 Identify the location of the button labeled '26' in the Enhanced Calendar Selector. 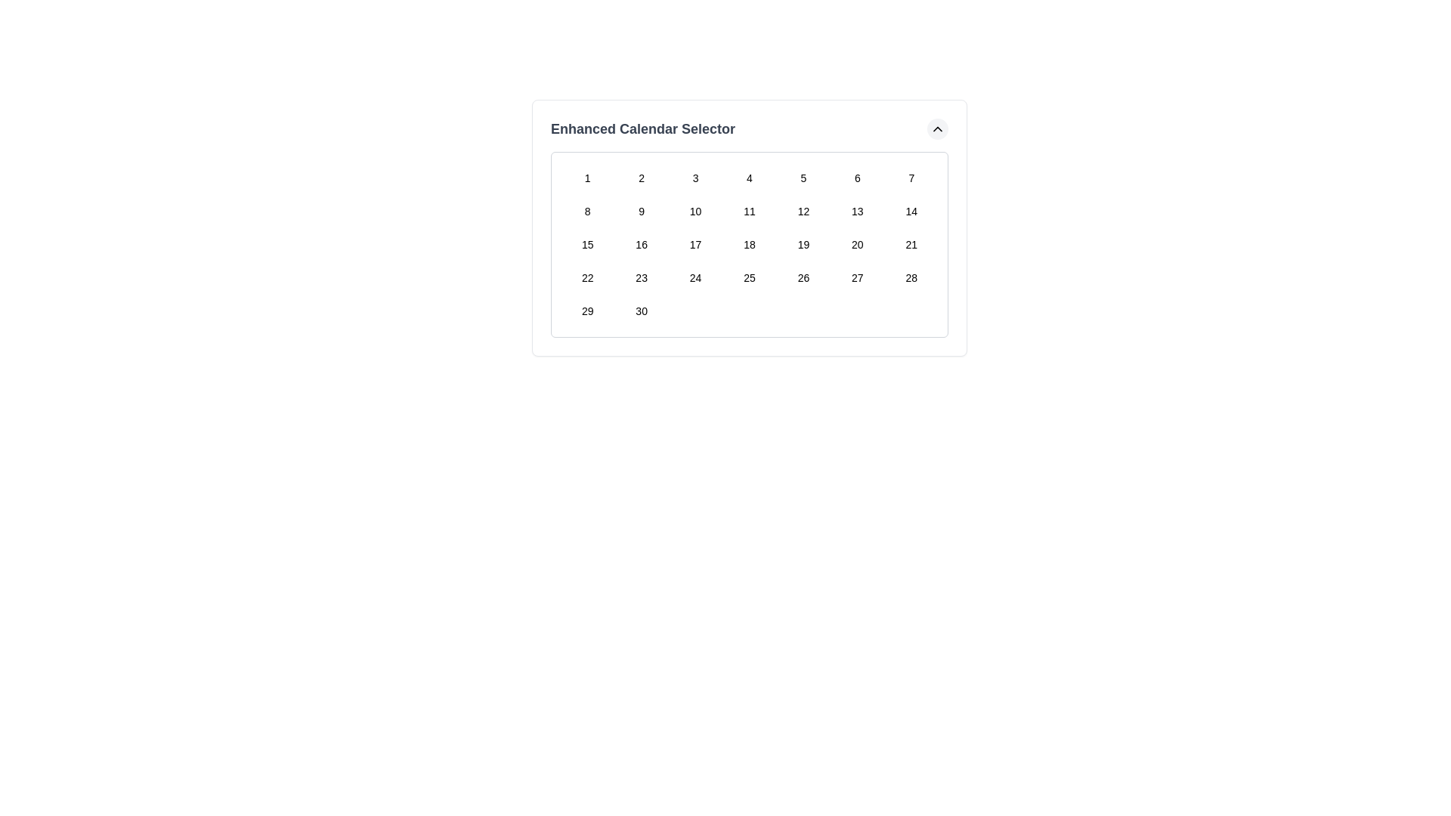
(803, 277).